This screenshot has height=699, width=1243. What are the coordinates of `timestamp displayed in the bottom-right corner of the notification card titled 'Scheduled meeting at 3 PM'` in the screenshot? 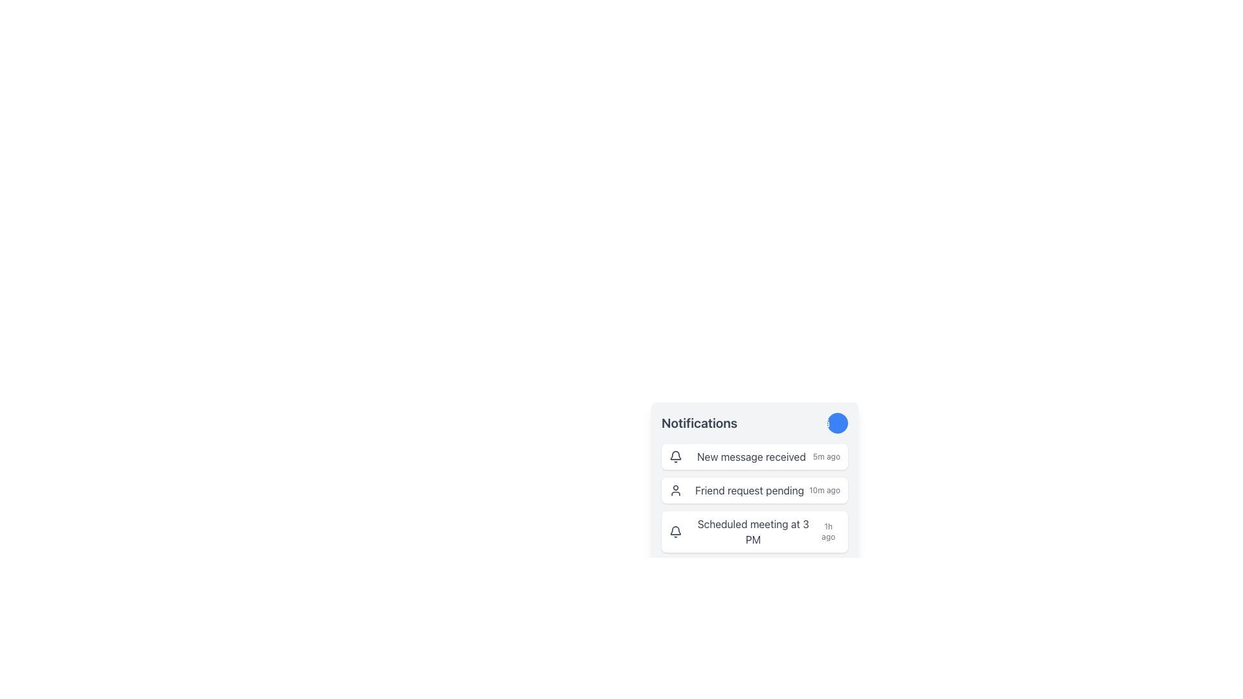 It's located at (827, 531).